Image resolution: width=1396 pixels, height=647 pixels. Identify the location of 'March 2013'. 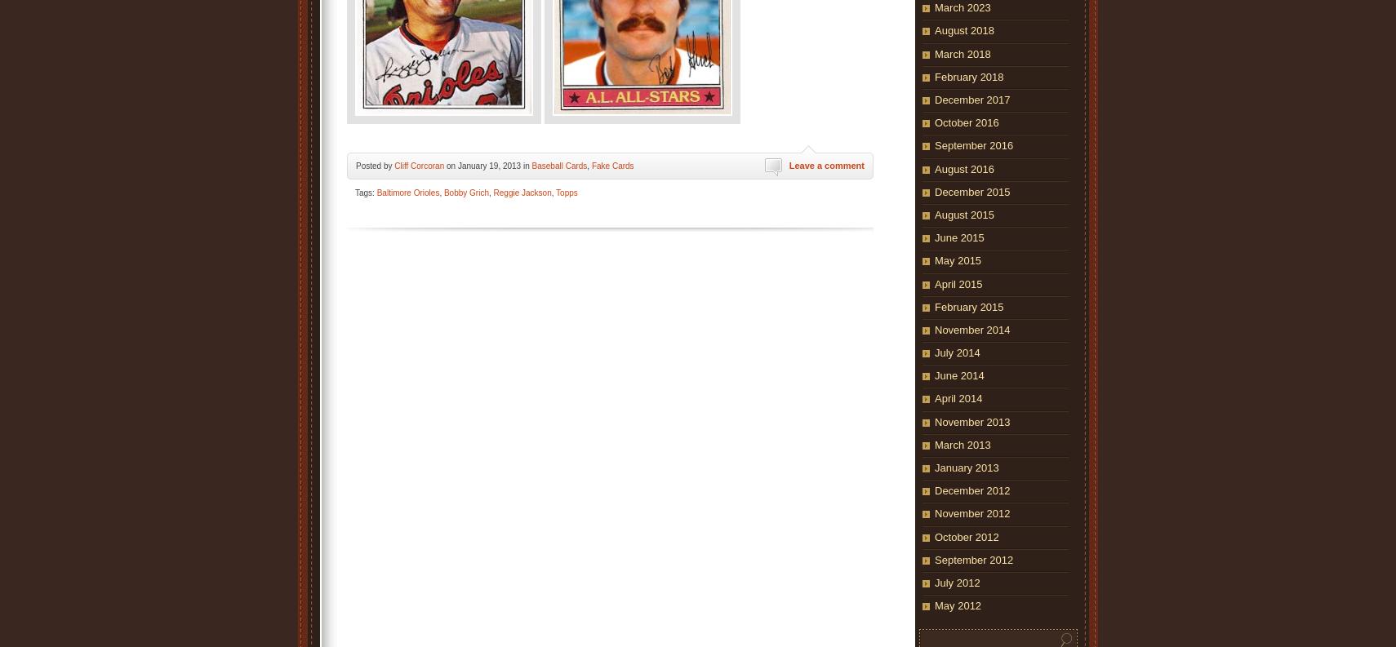
(962, 443).